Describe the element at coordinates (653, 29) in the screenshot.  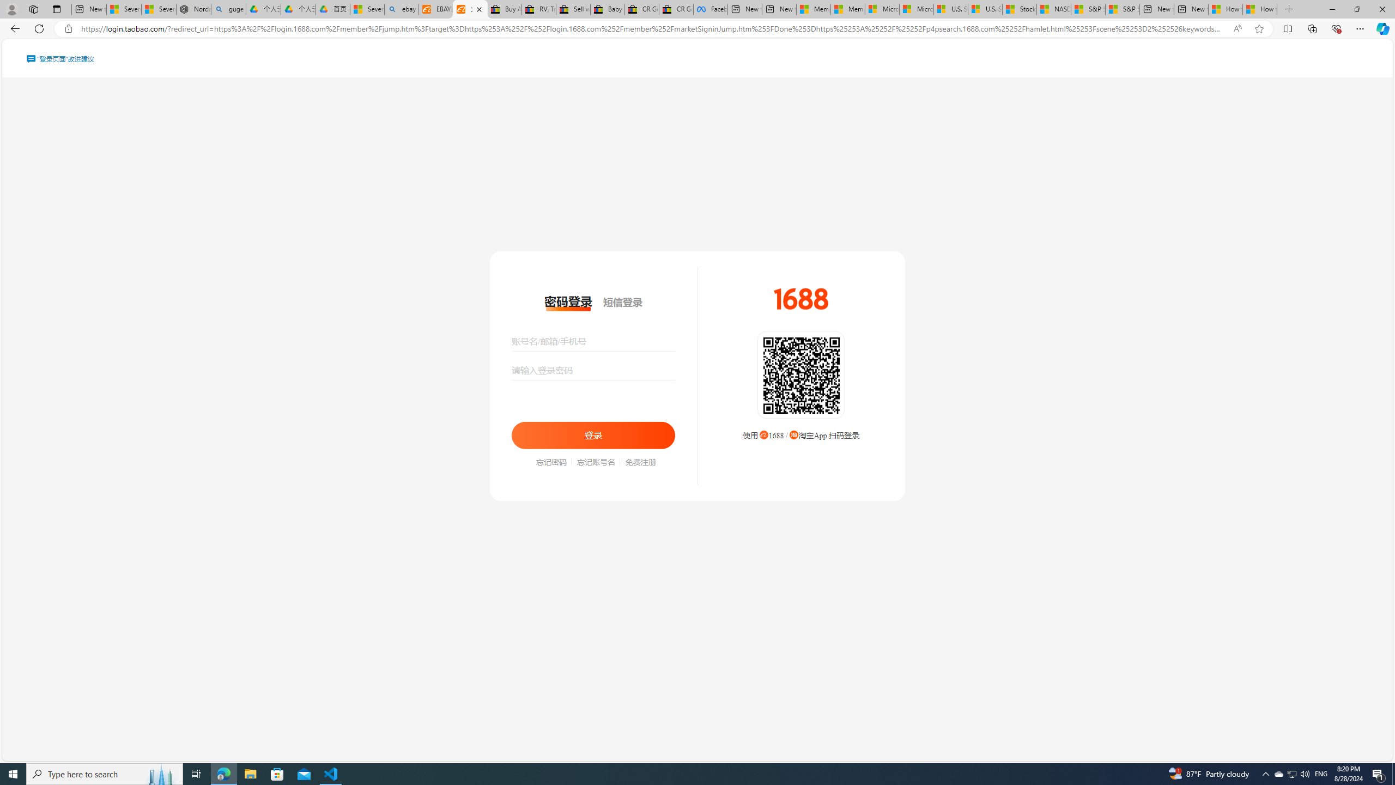
I see `'Address and search bar'` at that location.